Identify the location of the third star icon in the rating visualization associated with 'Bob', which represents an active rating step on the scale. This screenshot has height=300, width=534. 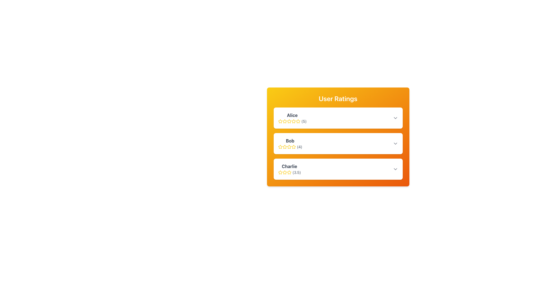
(285, 146).